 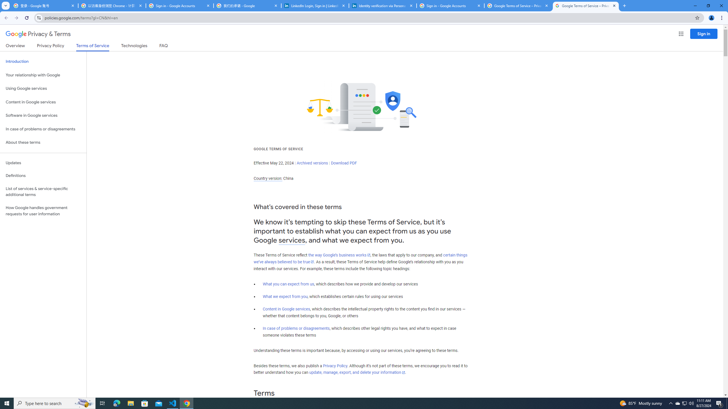 I want to click on 'services', so click(x=292, y=240).